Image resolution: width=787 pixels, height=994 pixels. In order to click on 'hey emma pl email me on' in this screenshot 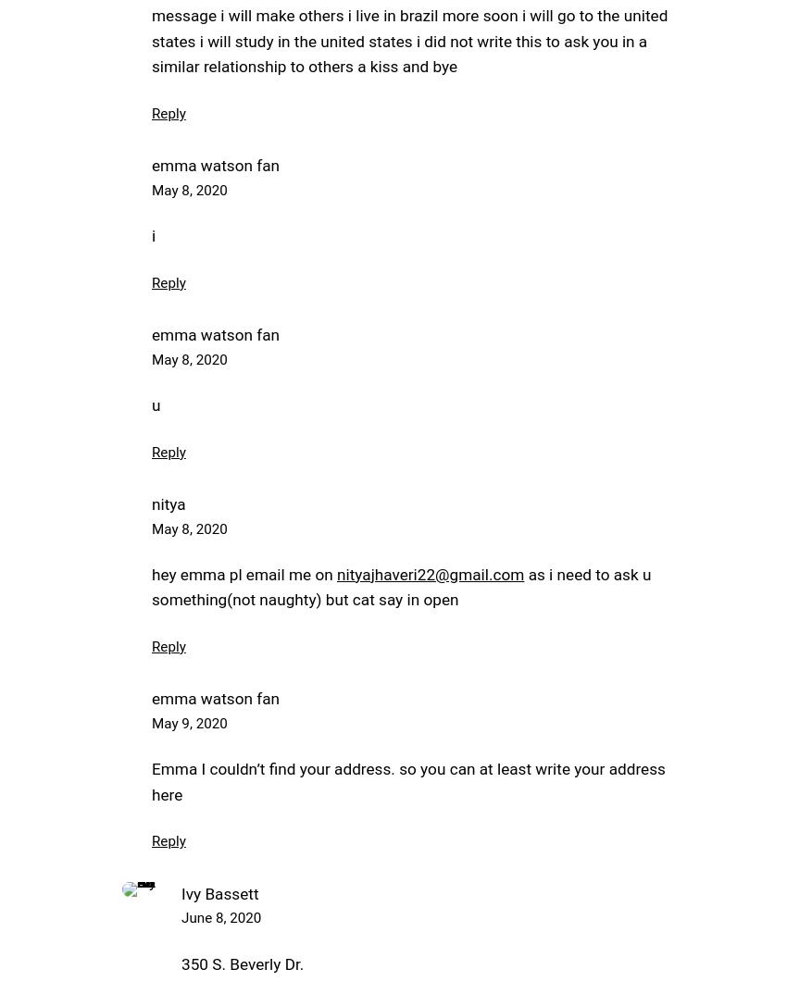, I will do `click(151, 574)`.